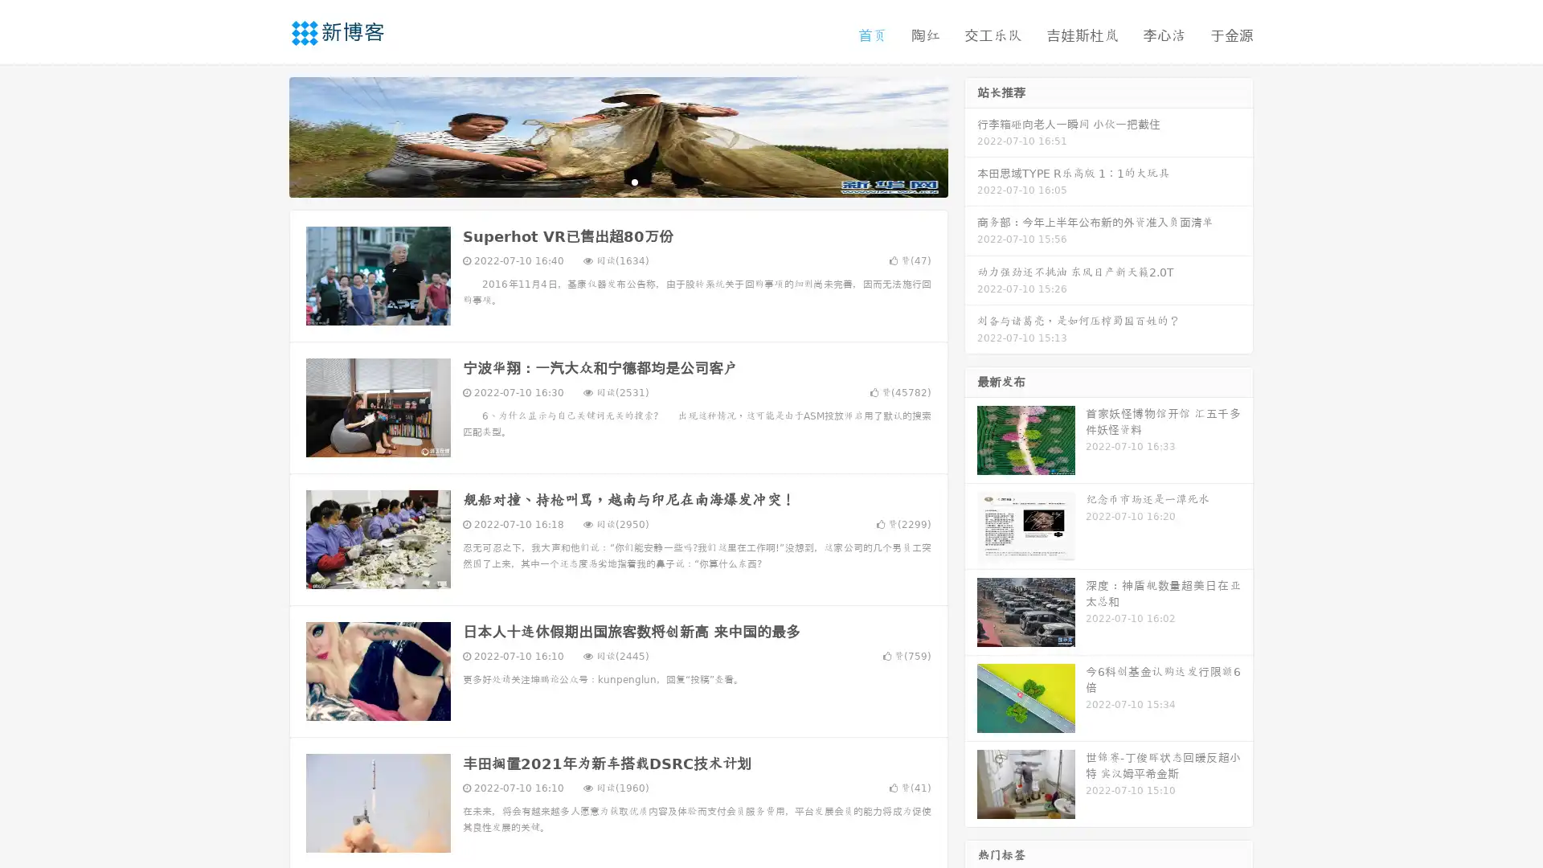 Image resolution: width=1543 pixels, height=868 pixels. I want to click on Go to slide 2, so click(617, 181).